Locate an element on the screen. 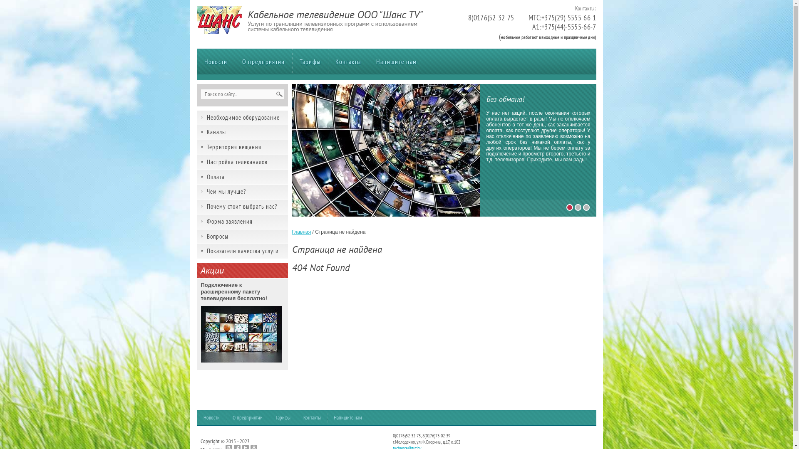 The image size is (799, 449). '3' is located at coordinates (586, 207).